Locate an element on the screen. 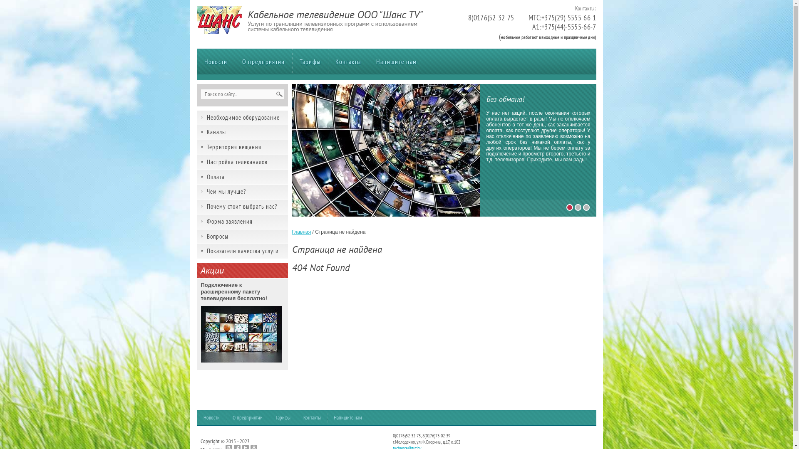 The image size is (799, 449). '3' is located at coordinates (586, 207).